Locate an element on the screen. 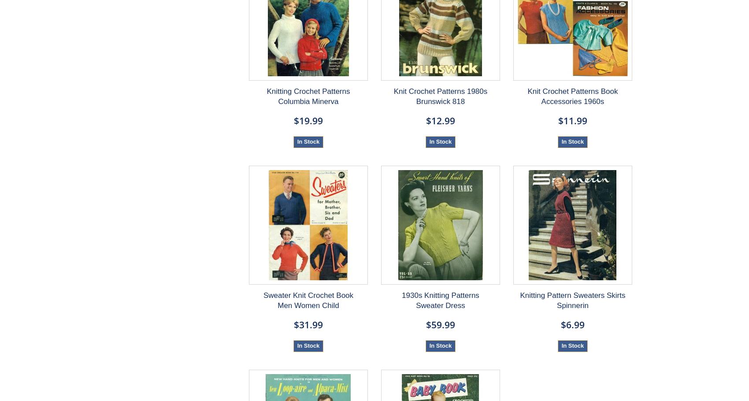  'Knit Crochet Patterns 1980s Brunswick 818' is located at coordinates (440, 96).